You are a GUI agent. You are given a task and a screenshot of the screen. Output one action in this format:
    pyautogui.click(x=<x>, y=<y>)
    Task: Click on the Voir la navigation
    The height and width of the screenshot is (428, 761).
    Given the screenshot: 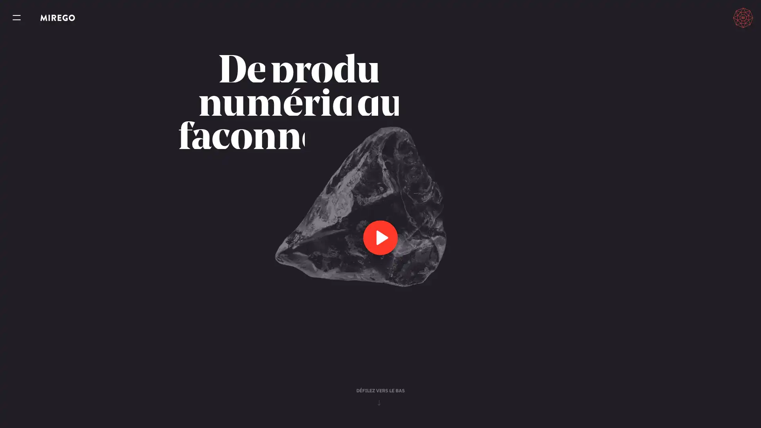 What is the action you would take?
    pyautogui.click(x=17, y=18)
    